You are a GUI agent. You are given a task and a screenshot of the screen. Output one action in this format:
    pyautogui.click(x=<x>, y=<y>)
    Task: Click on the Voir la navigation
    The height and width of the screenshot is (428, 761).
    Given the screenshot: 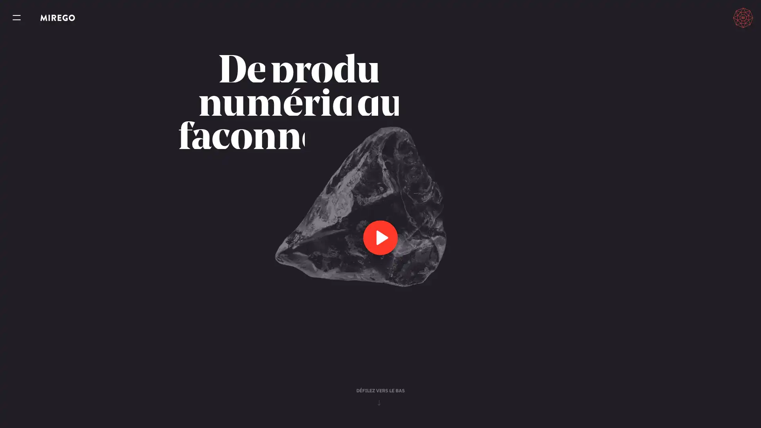 What is the action you would take?
    pyautogui.click(x=17, y=18)
    